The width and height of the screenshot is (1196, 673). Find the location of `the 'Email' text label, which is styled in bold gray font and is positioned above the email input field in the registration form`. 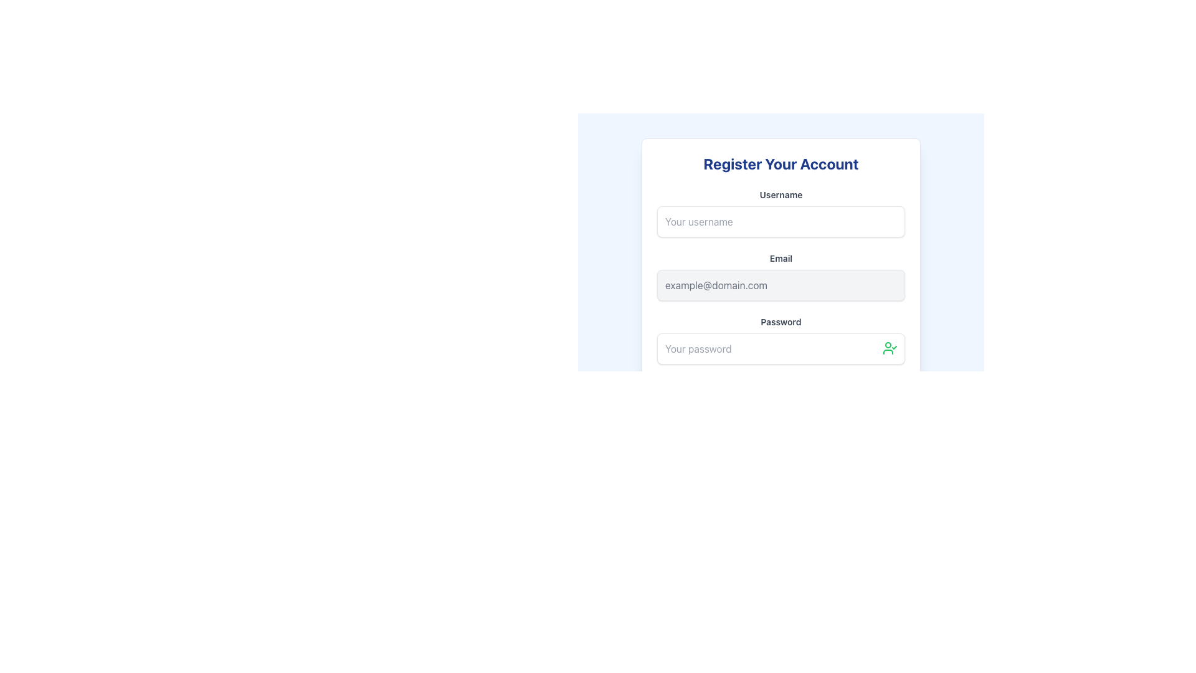

the 'Email' text label, which is styled in bold gray font and is positioned above the email input field in the registration form is located at coordinates (780, 258).